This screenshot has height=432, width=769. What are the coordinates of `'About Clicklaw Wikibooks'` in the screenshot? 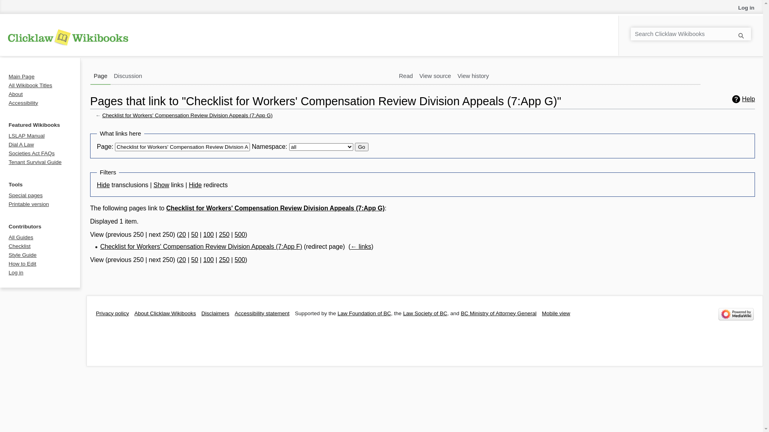 It's located at (165, 313).